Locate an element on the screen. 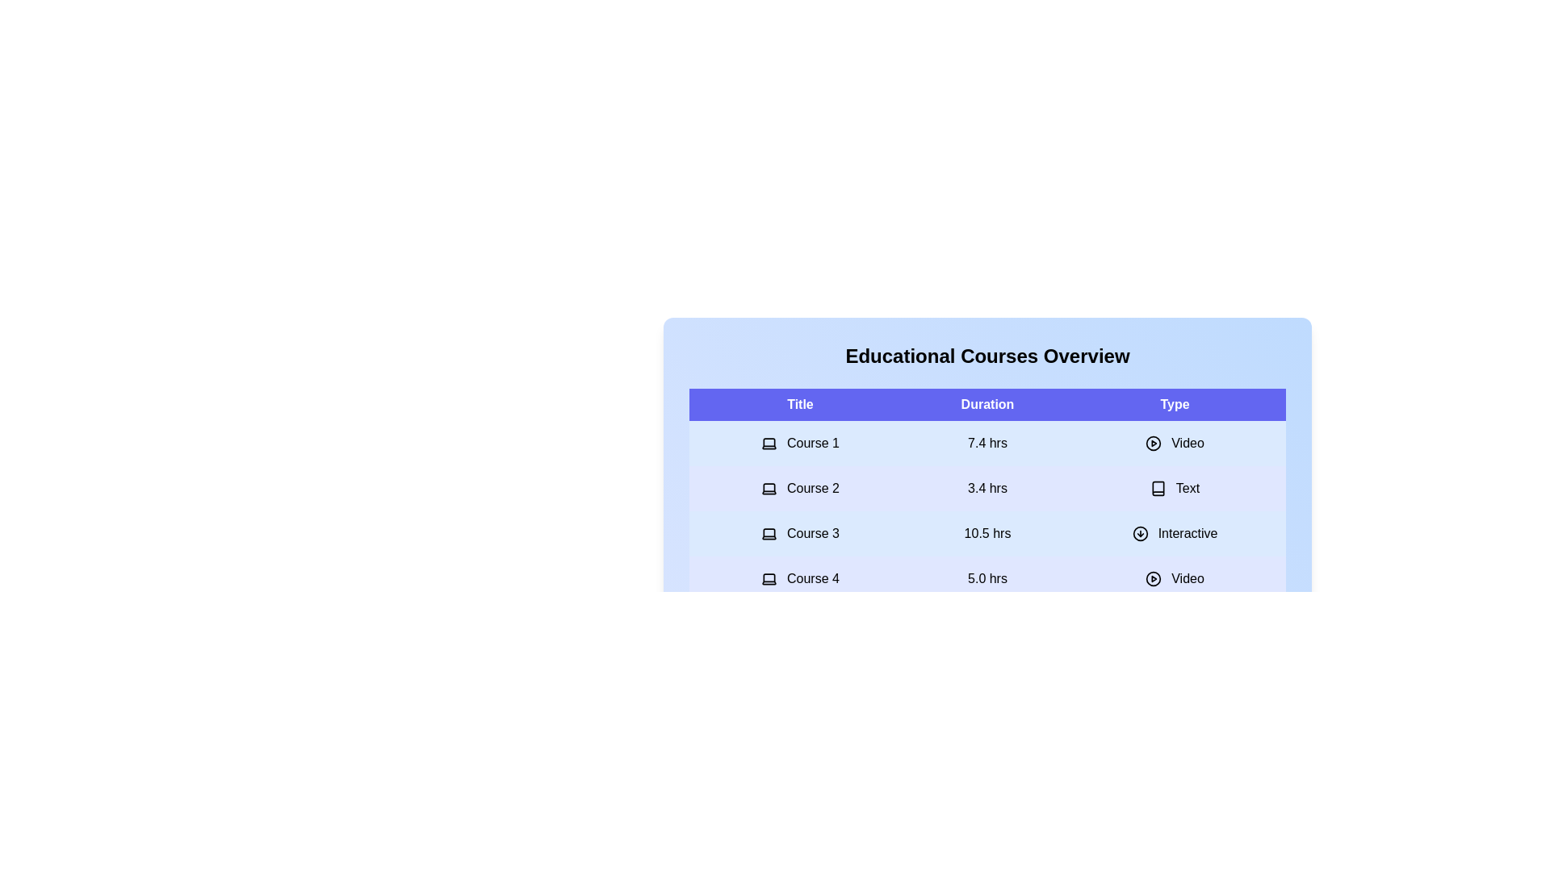 This screenshot has height=871, width=1550. the row corresponding to the course title Course 1 is located at coordinates (799, 444).